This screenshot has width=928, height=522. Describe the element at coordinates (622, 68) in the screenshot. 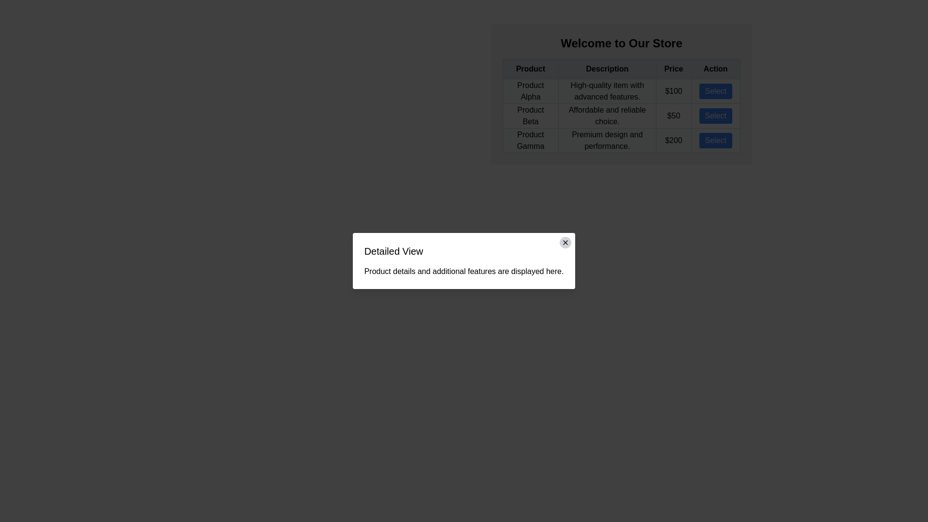

I see `the table header row that labels the columns for Product, Description, Price, and Action` at that location.